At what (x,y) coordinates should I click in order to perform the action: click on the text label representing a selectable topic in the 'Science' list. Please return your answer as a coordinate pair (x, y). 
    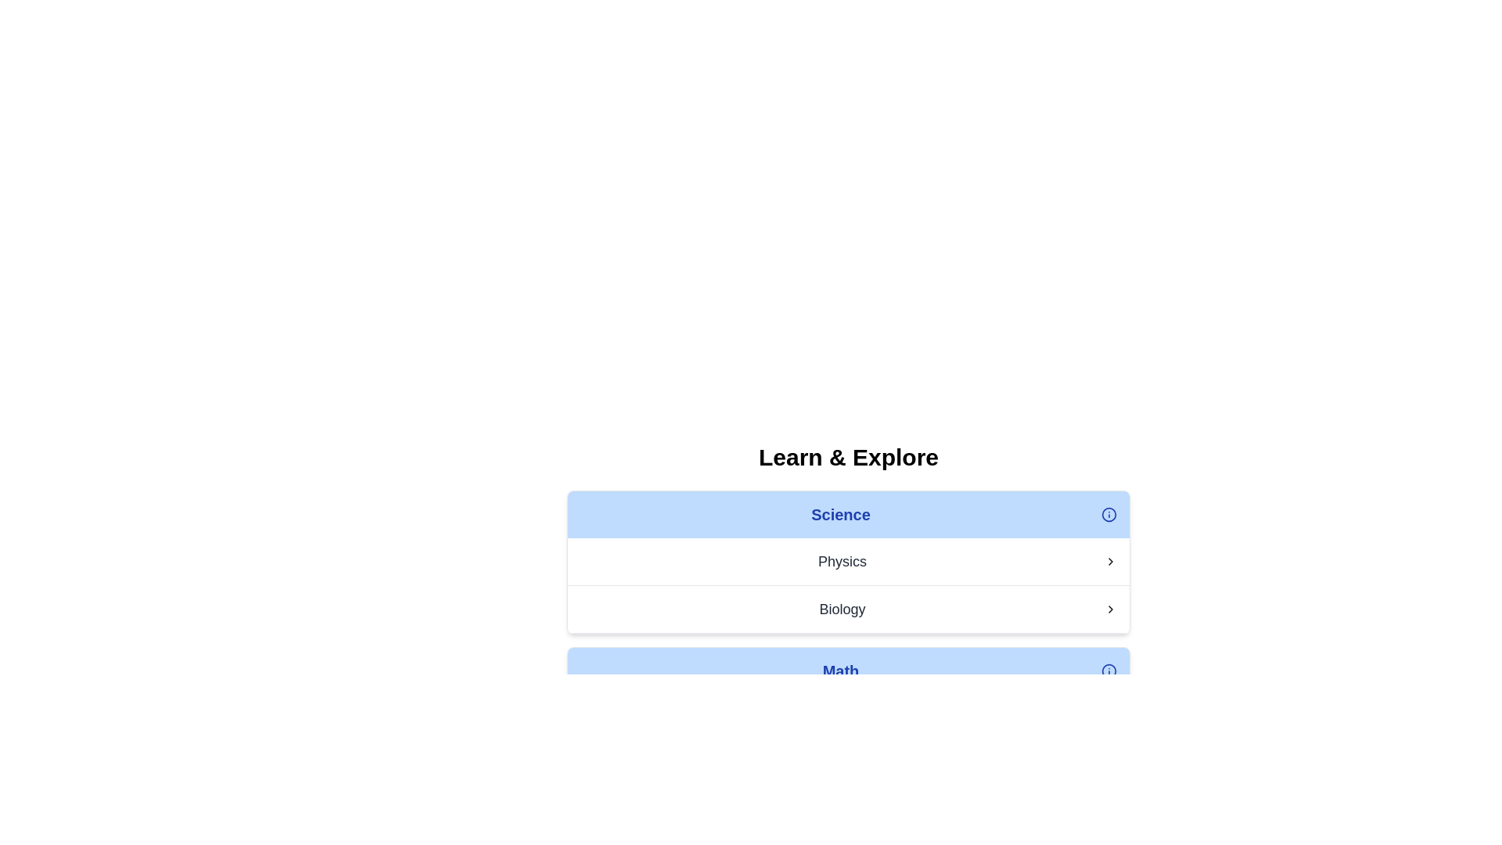
    Looking at the image, I should click on (841, 609).